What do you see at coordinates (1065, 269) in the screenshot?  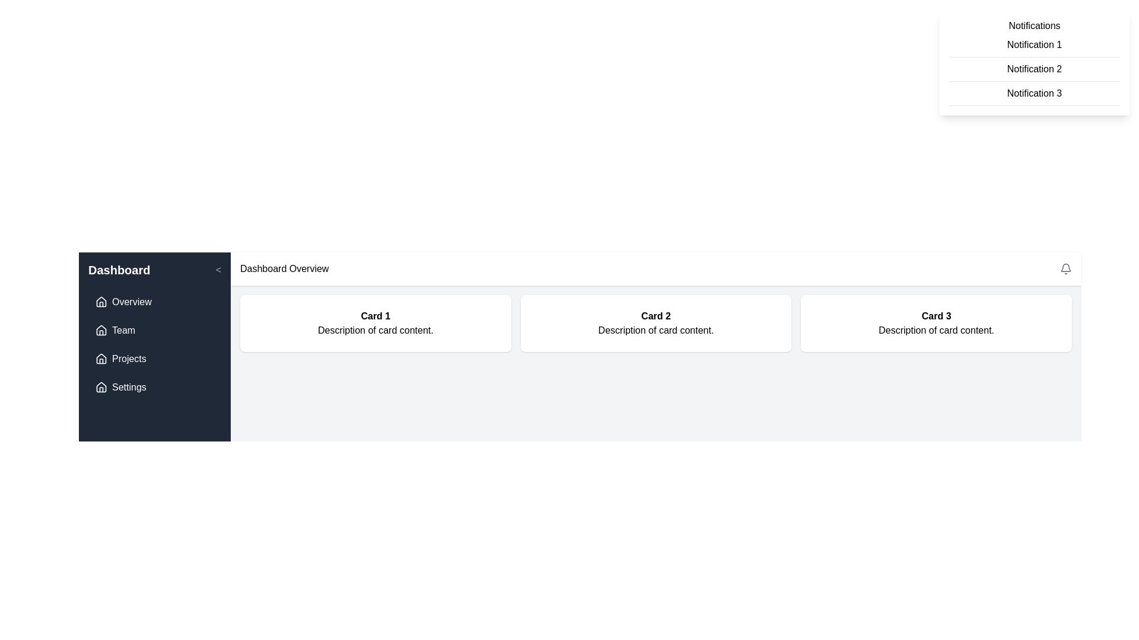 I see `the gray bell icon button located on the far-right side of the 'Dashboard Overview' bar` at bounding box center [1065, 269].